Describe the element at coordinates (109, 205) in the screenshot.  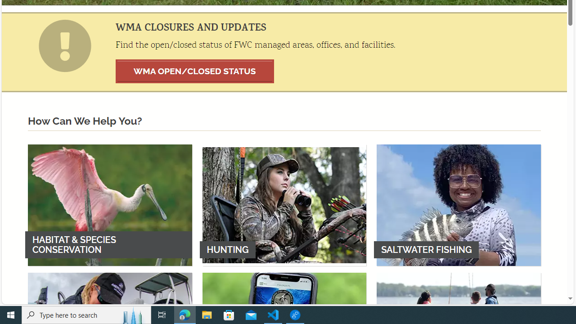
I see `'HABITAT & SPECIES CONSERVATION'` at that location.